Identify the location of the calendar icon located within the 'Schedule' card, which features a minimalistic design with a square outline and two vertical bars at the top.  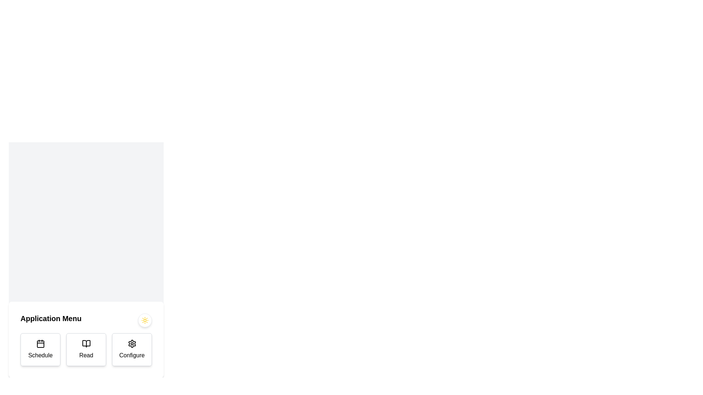
(40, 344).